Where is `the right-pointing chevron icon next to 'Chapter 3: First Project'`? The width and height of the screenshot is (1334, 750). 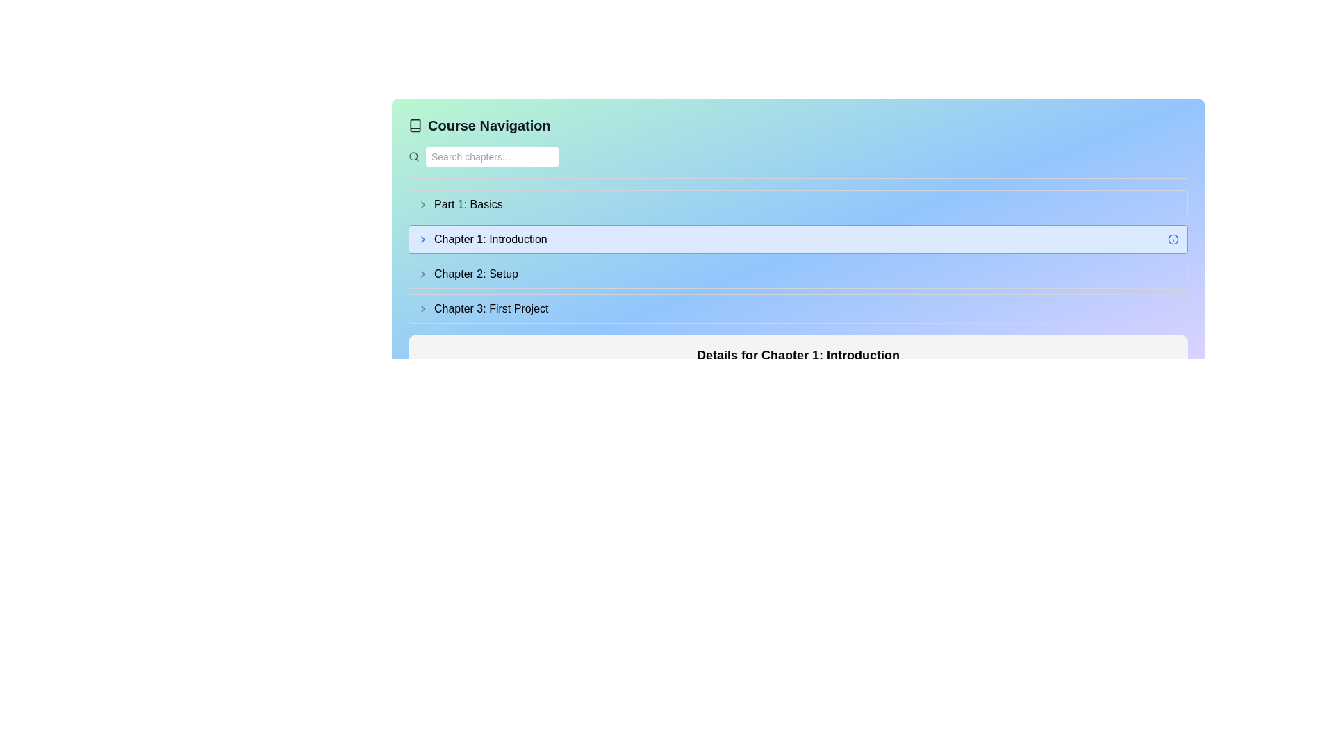
the right-pointing chevron icon next to 'Chapter 3: First Project' is located at coordinates (422, 308).